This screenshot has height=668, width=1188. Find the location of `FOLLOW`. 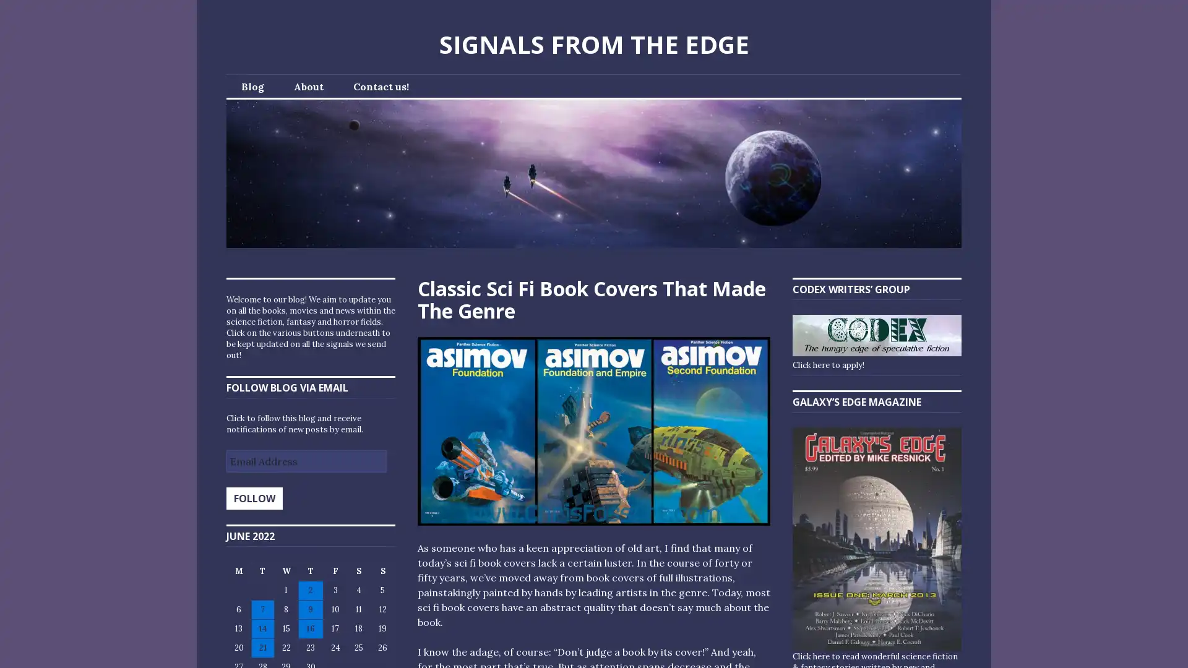

FOLLOW is located at coordinates (254, 498).